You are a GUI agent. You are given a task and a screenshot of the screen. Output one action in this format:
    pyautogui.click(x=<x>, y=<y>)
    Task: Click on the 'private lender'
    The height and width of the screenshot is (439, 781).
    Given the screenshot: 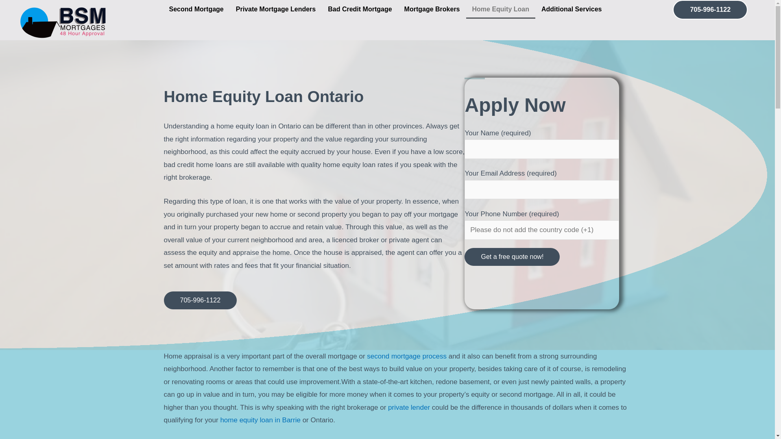 What is the action you would take?
    pyautogui.click(x=409, y=407)
    